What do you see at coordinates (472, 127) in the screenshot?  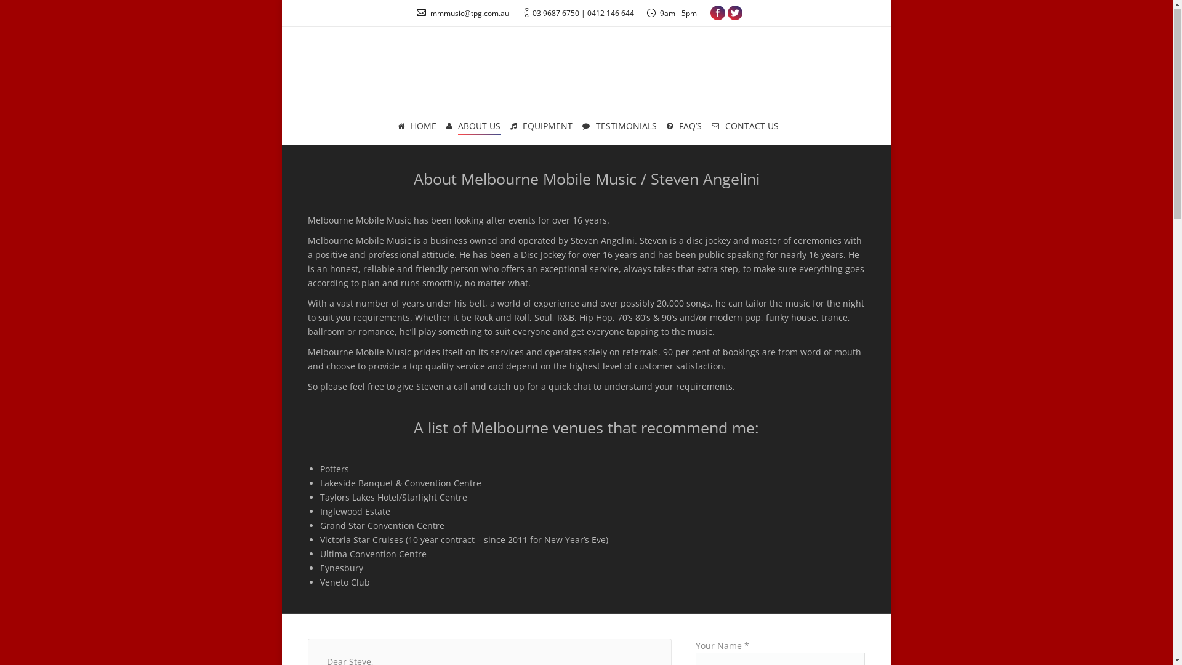 I see `'ABOUT US'` at bounding box center [472, 127].